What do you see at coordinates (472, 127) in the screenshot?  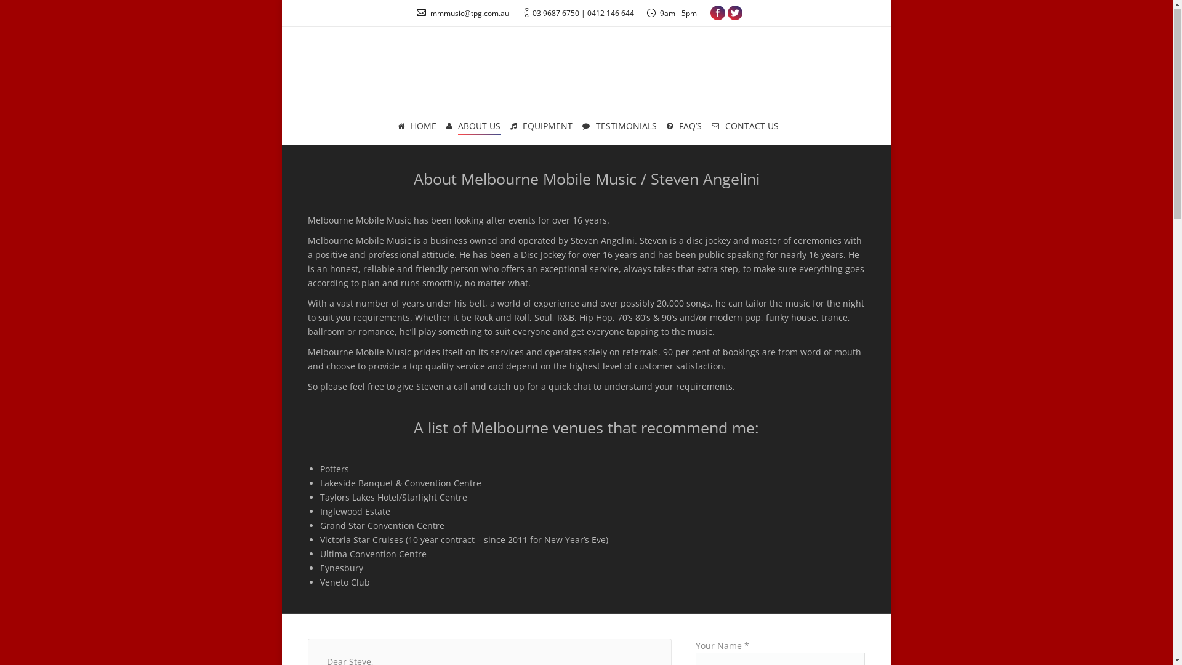 I see `'ABOUT US'` at bounding box center [472, 127].